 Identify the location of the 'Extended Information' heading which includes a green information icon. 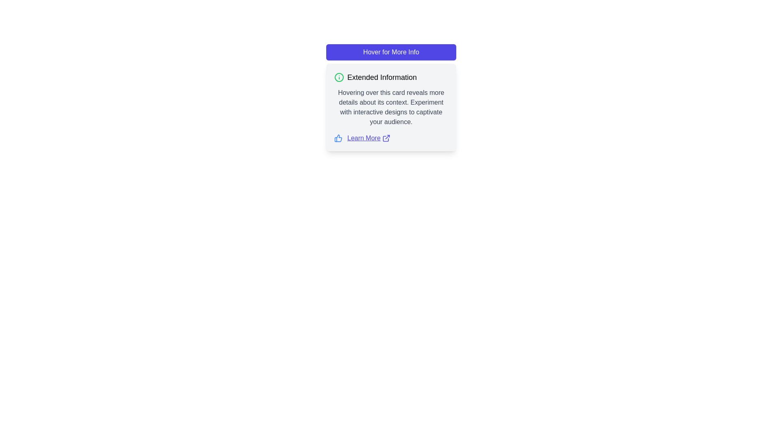
(391, 77).